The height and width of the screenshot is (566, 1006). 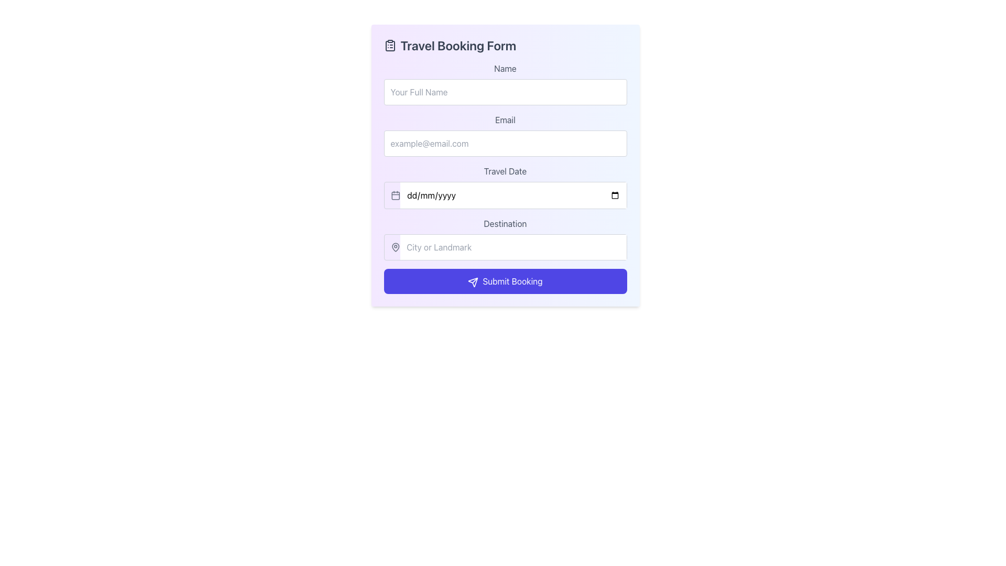 I want to click on the icon located to the left of the 'Submit Booking' button, which visually indicates the action of submission, so click(x=473, y=281).